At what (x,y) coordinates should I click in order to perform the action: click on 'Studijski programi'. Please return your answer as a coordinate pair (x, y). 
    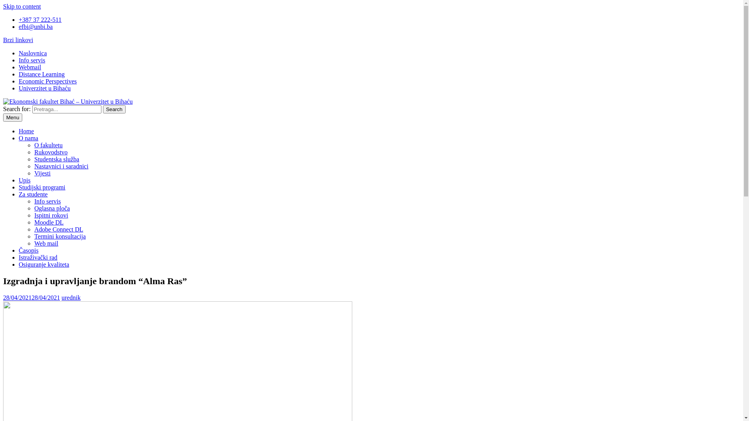
    Looking at the image, I should click on (41, 187).